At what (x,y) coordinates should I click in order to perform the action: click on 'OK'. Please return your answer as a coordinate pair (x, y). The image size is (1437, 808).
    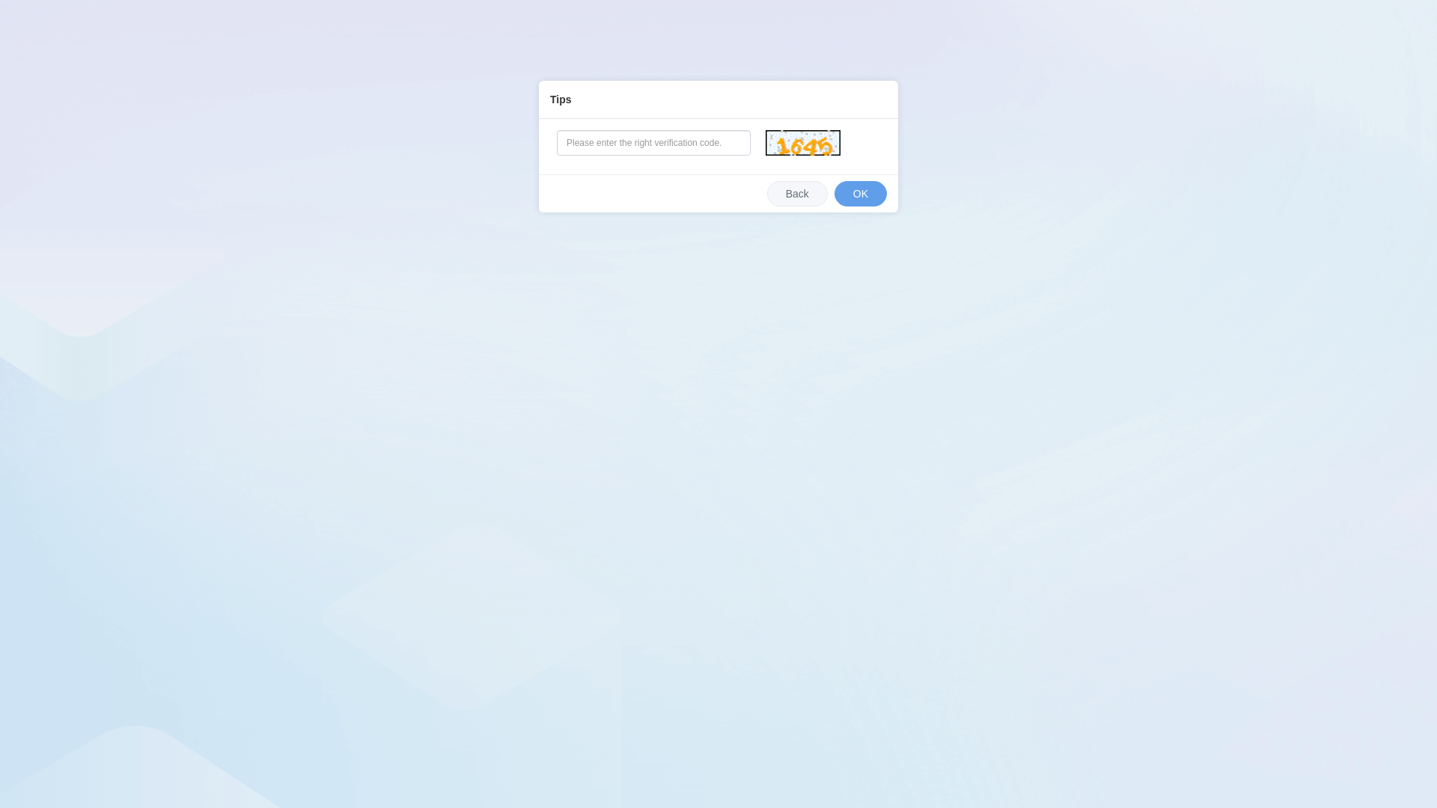
    Looking at the image, I should click on (833, 192).